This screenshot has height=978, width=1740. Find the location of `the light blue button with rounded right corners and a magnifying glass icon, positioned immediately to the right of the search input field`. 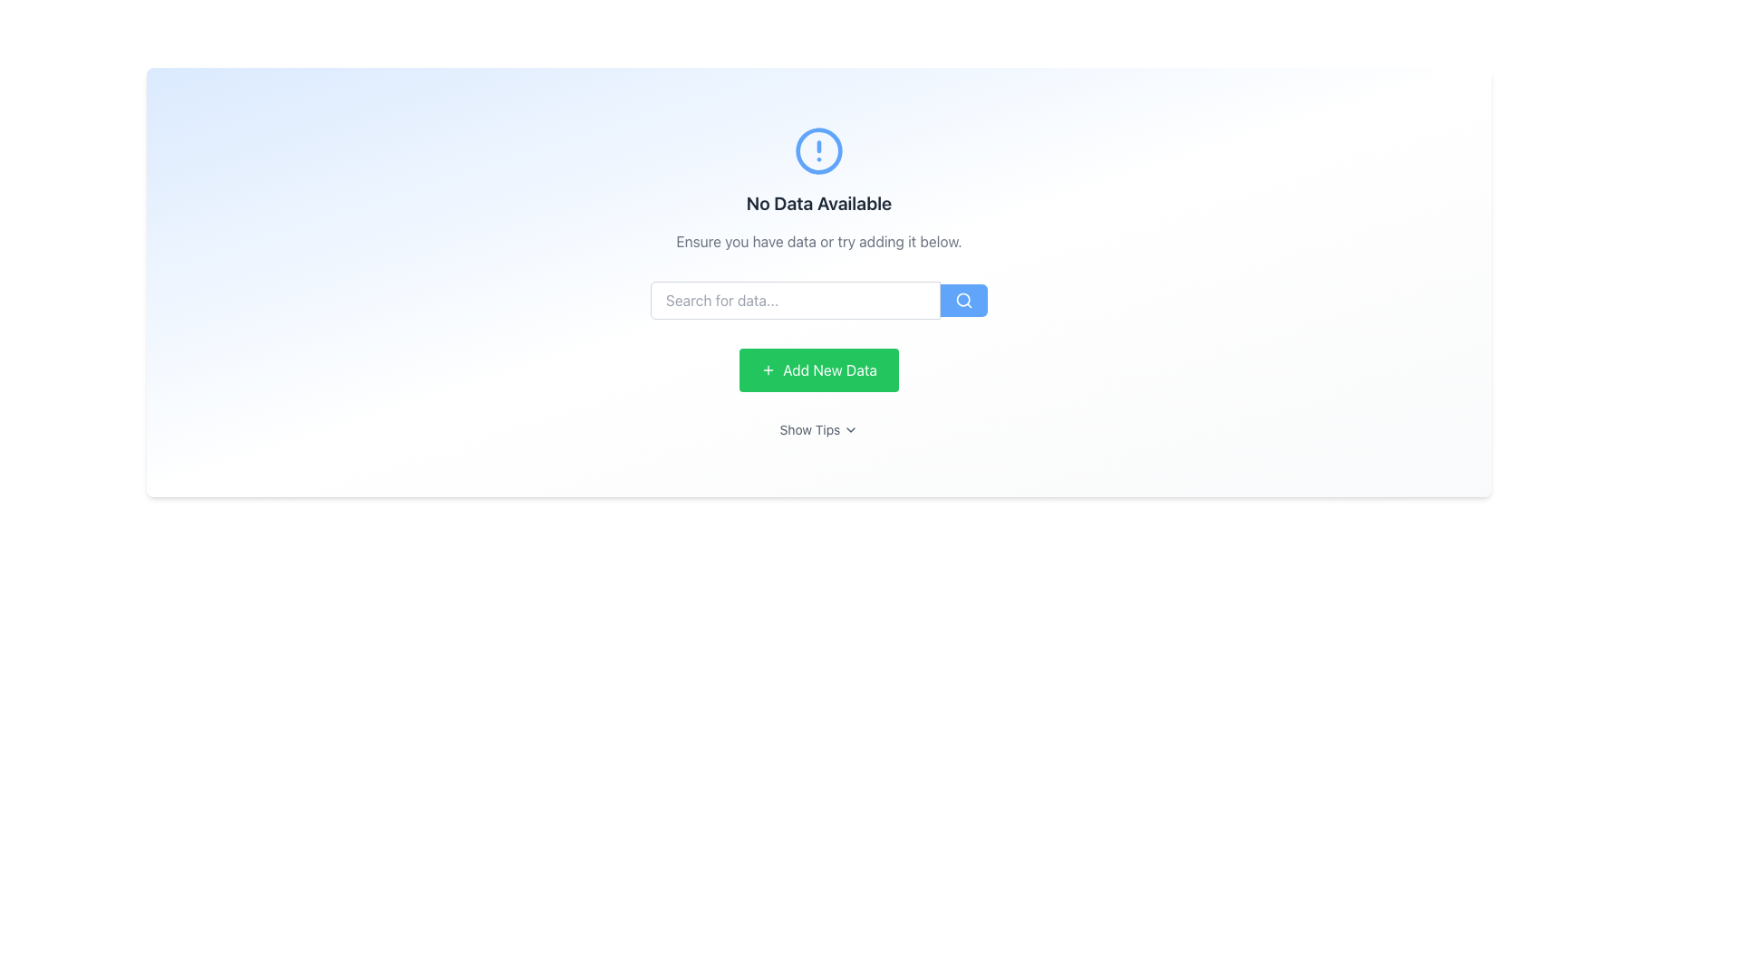

the light blue button with rounded right corners and a magnifying glass icon, positioned immediately to the right of the search input field is located at coordinates (963, 299).